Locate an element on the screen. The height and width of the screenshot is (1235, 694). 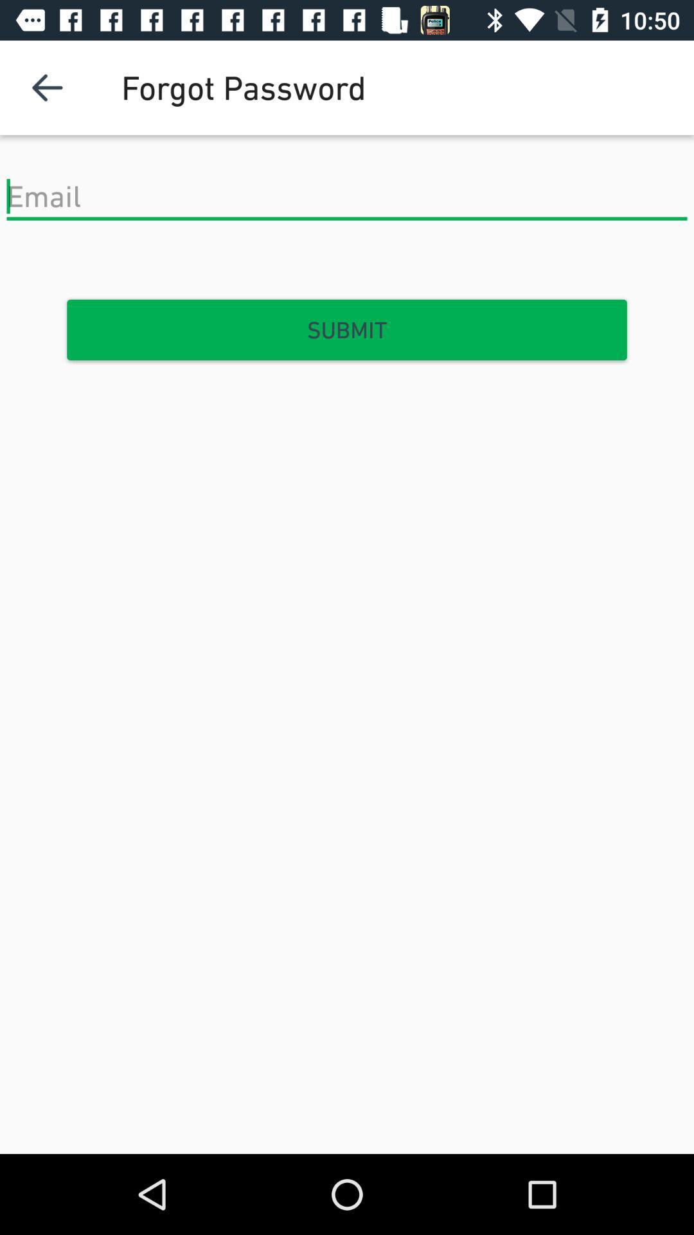
the item to the left of the forgot password is located at coordinates (46, 87).